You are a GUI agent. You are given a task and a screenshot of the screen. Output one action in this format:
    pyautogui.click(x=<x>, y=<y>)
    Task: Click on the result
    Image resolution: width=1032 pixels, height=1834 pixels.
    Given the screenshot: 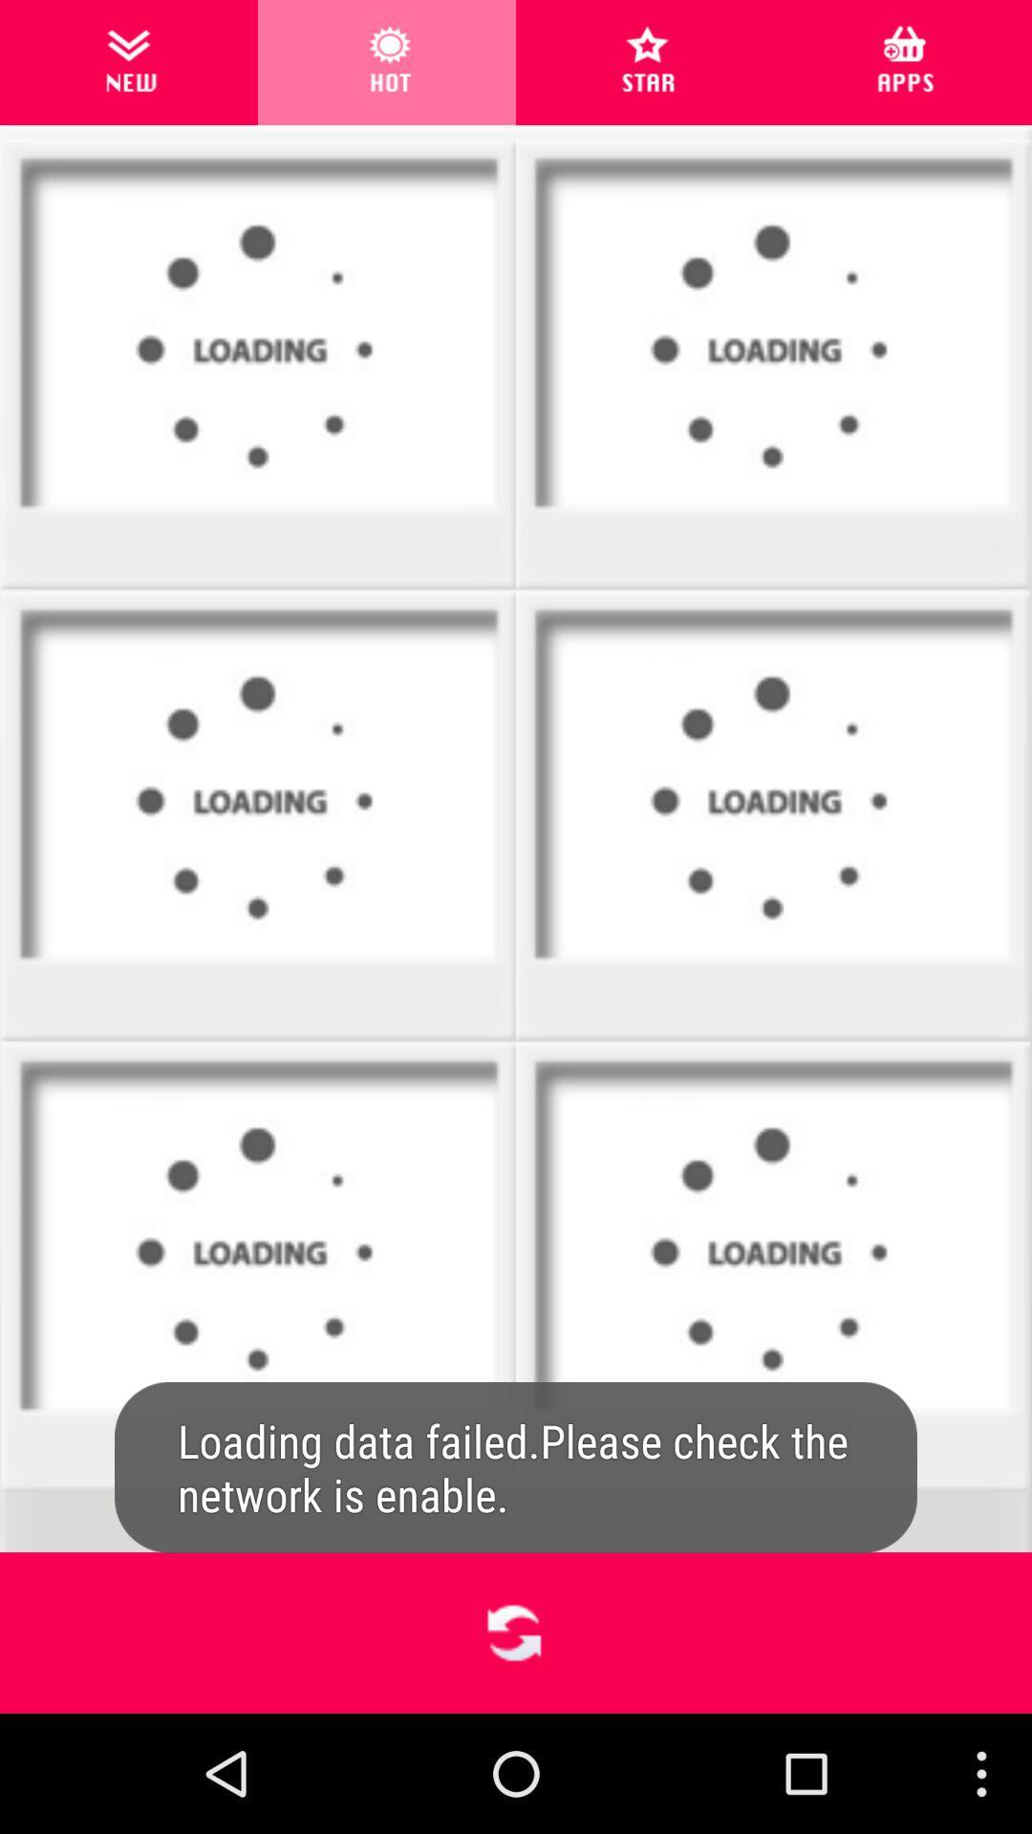 What is the action you would take?
    pyautogui.click(x=514, y=1631)
    